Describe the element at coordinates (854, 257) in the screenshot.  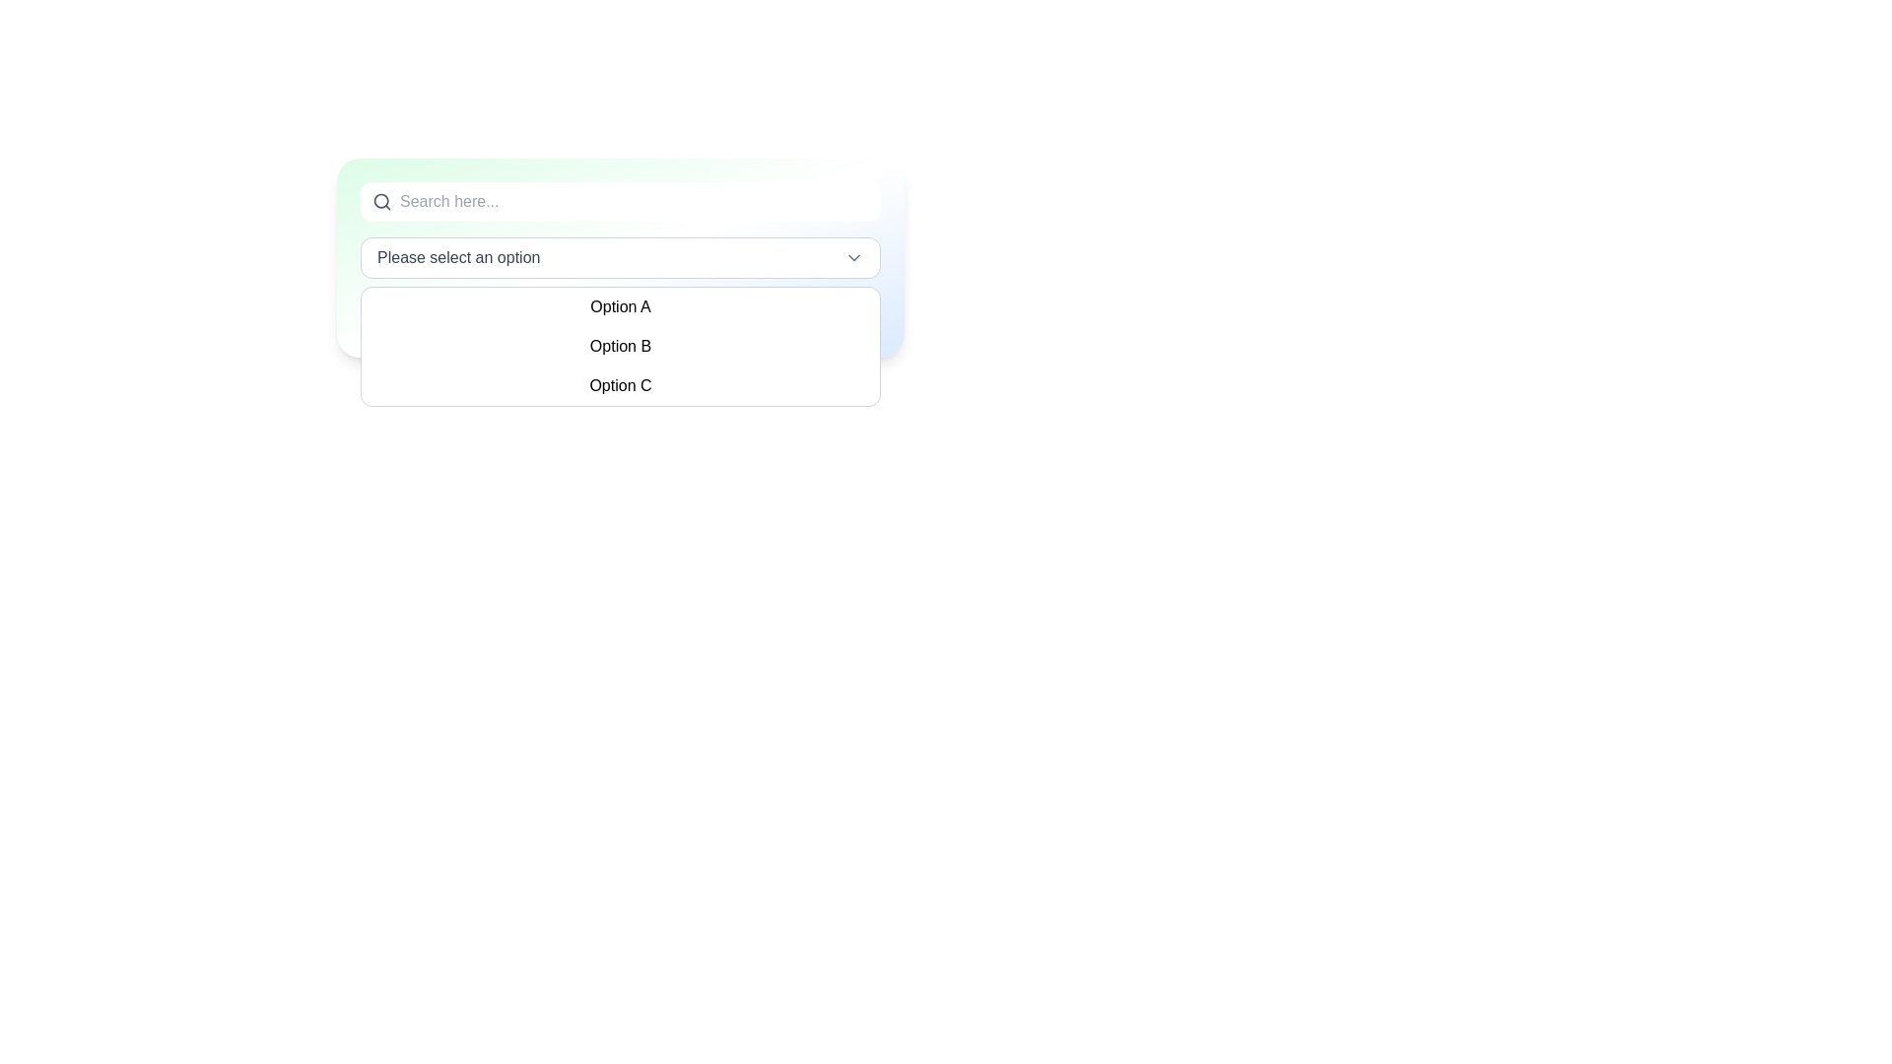
I see `the Chevron Down SVG icon next to the label 'Please select an option' to visually highlight it for interaction` at that location.